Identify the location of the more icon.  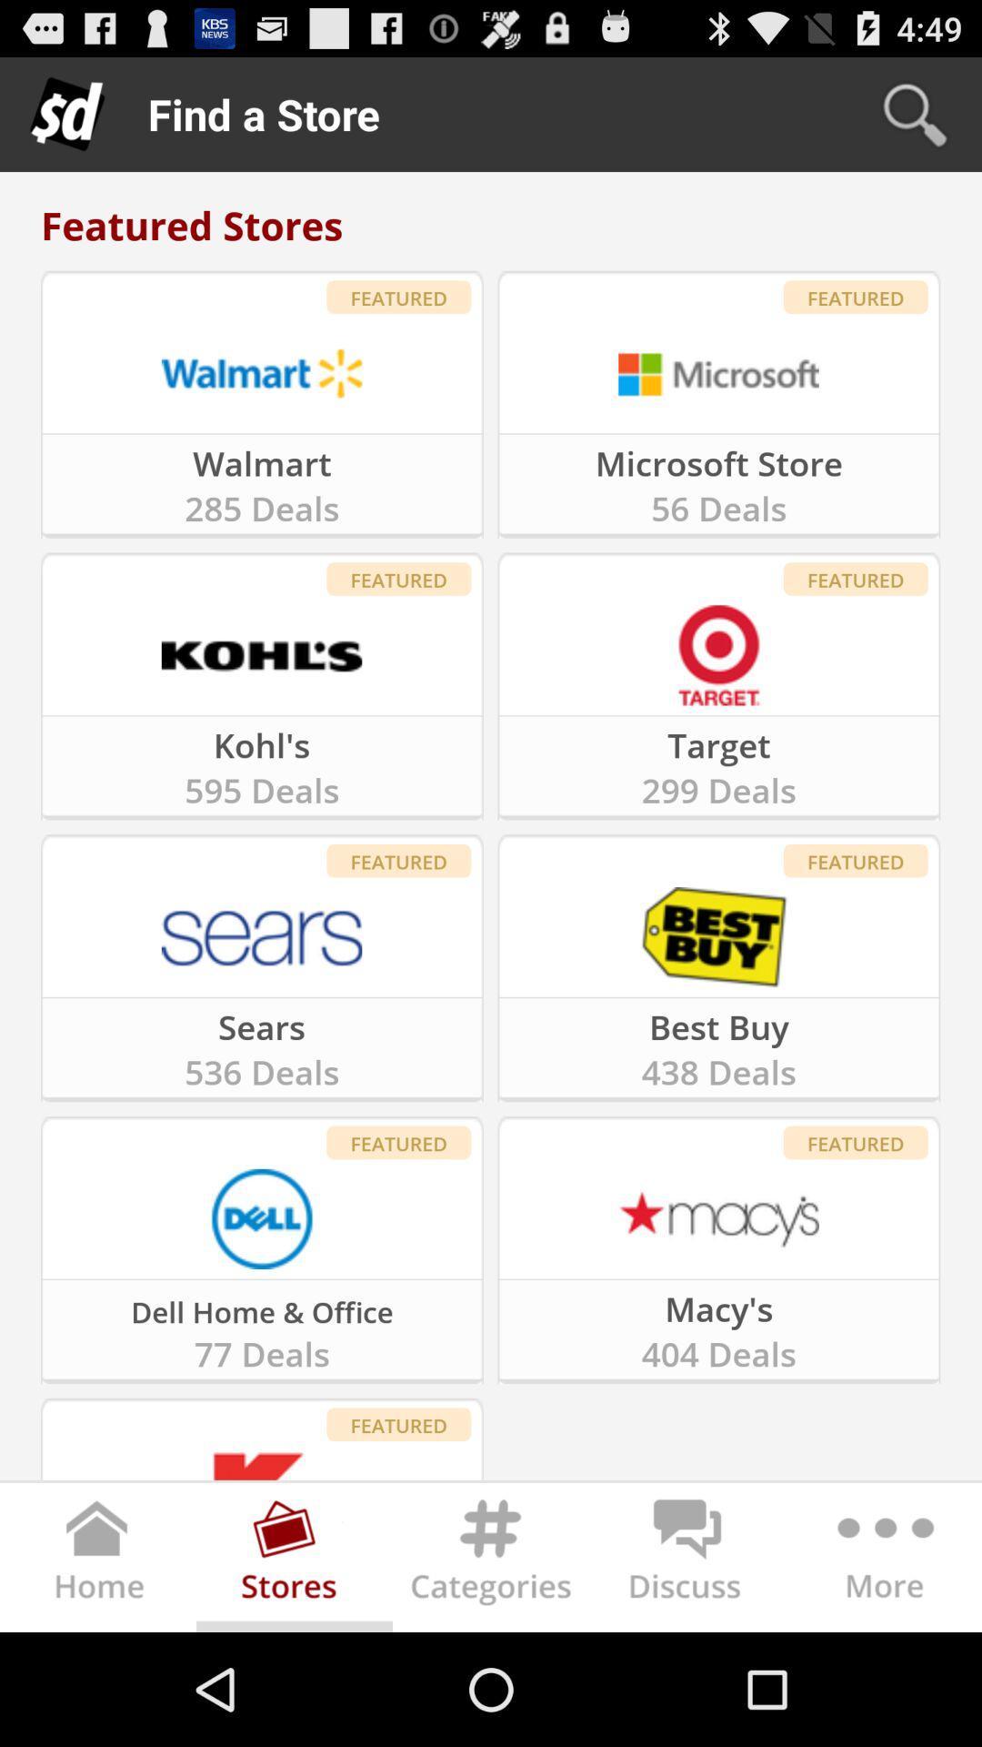
(882, 1671).